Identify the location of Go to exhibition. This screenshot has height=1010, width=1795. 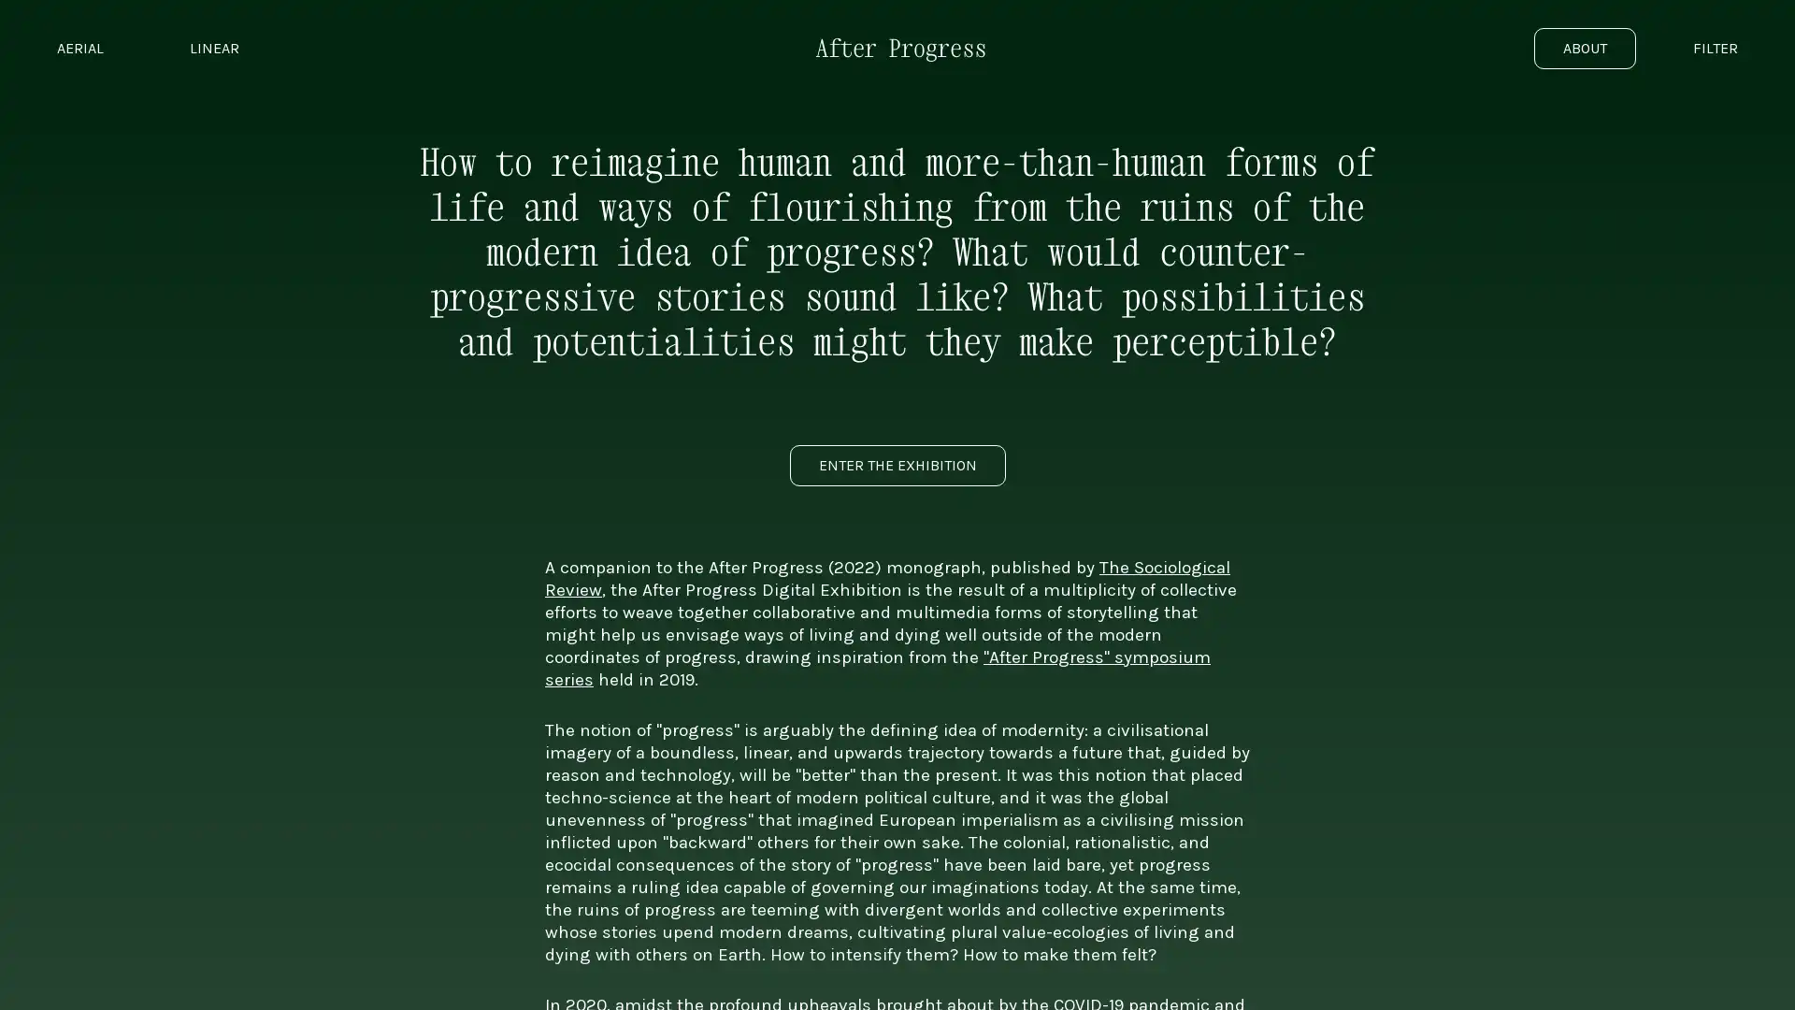
(901, 47).